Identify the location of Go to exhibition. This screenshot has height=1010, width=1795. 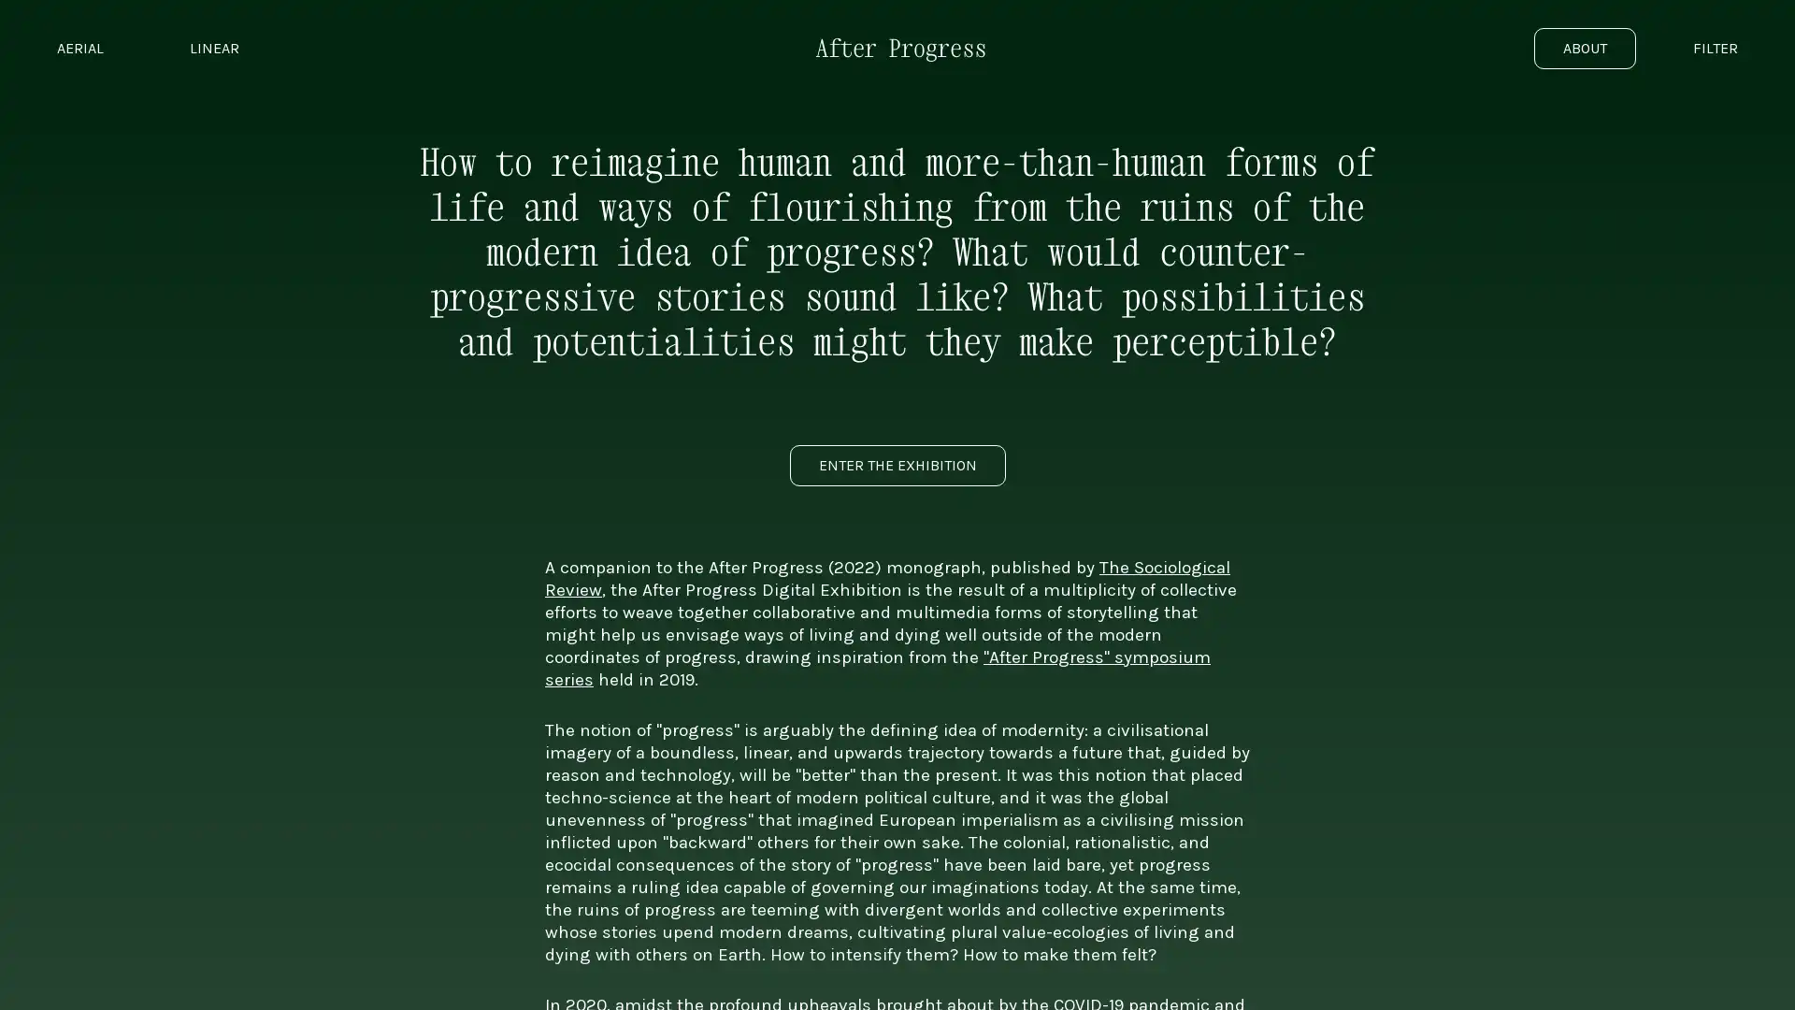
(901, 47).